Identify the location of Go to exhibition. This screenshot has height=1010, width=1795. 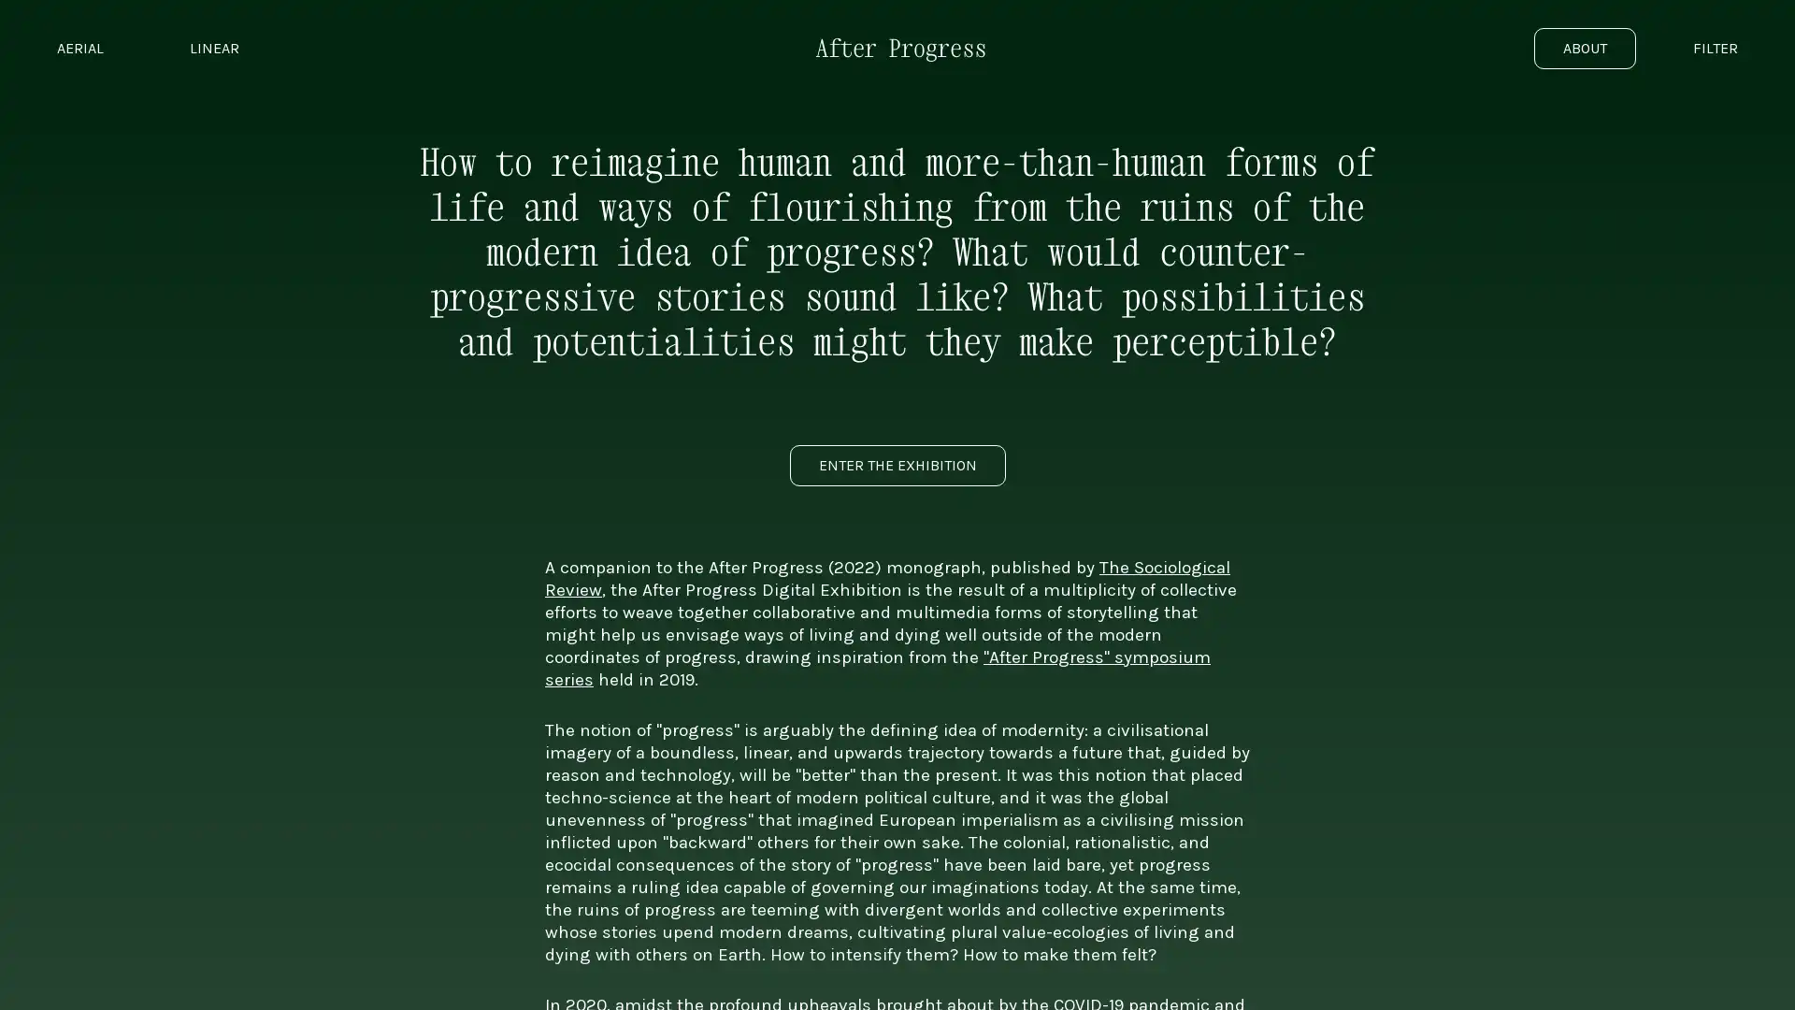
(901, 47).